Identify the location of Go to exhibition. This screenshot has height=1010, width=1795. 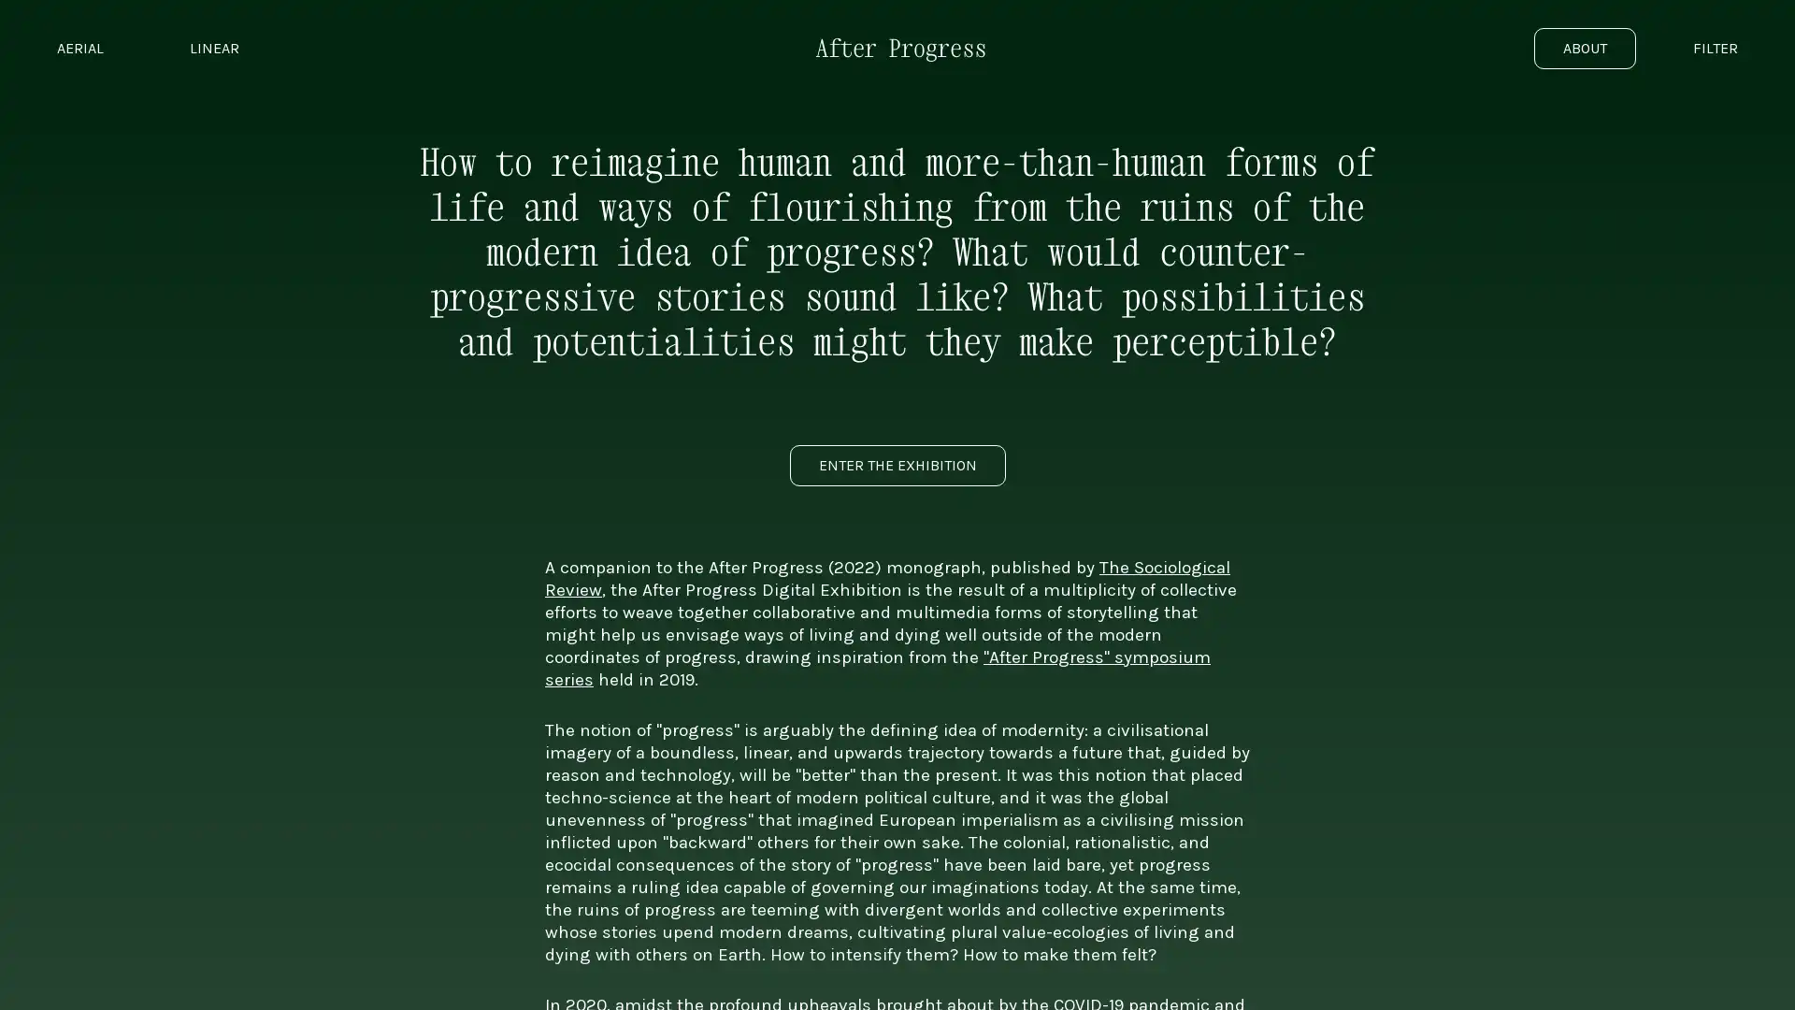
(901, 47).